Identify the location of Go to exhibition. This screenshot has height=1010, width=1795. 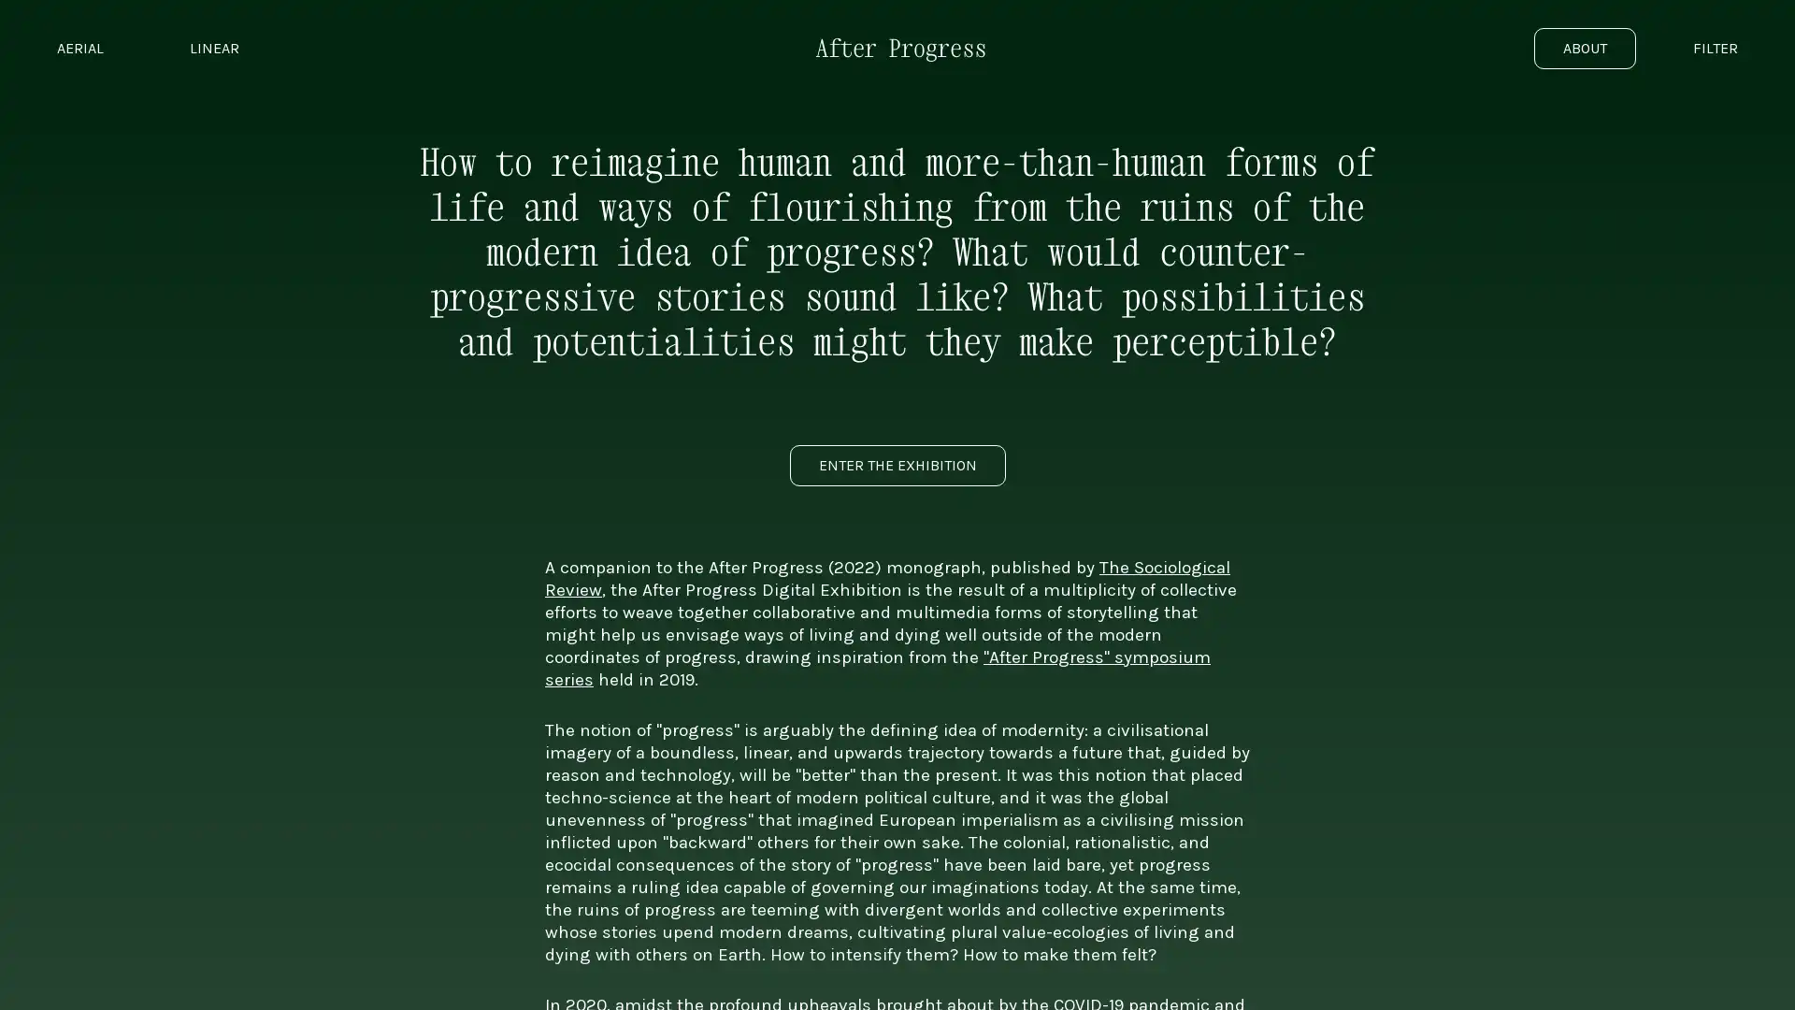
(901, 47).